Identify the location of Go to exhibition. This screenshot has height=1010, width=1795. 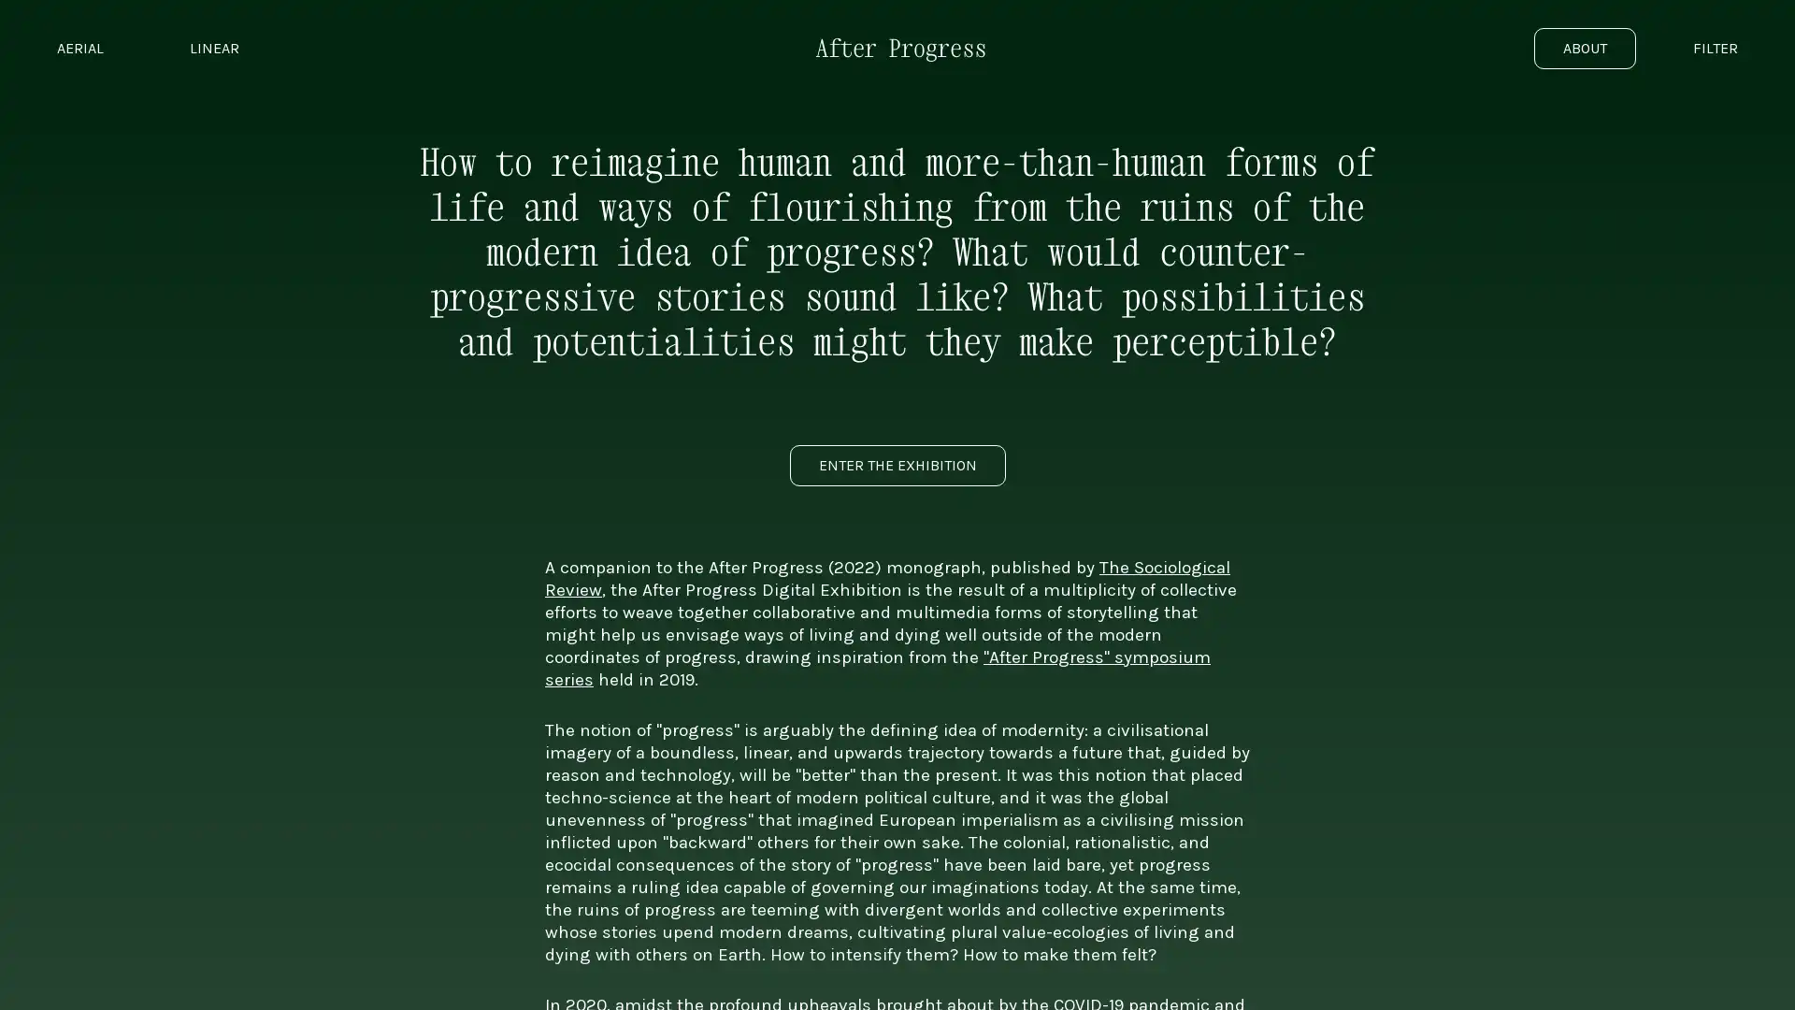
(901, 47).